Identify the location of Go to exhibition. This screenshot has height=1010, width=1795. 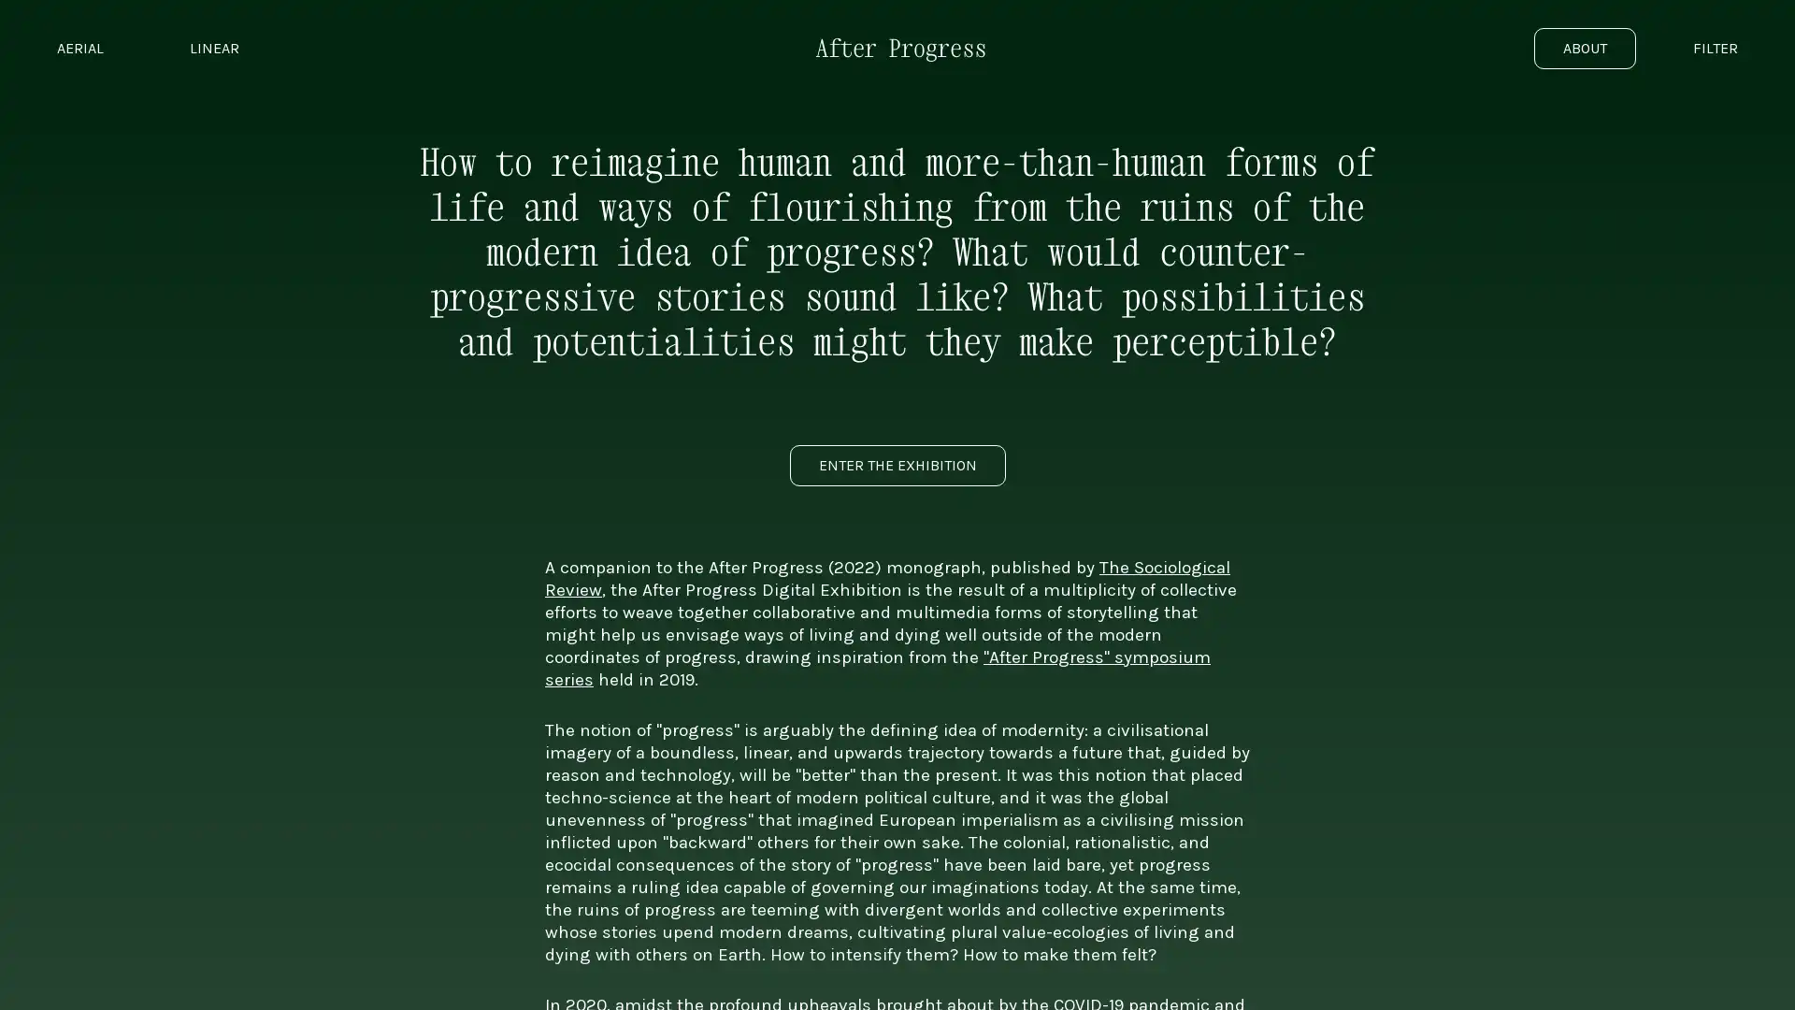
(901, 47).